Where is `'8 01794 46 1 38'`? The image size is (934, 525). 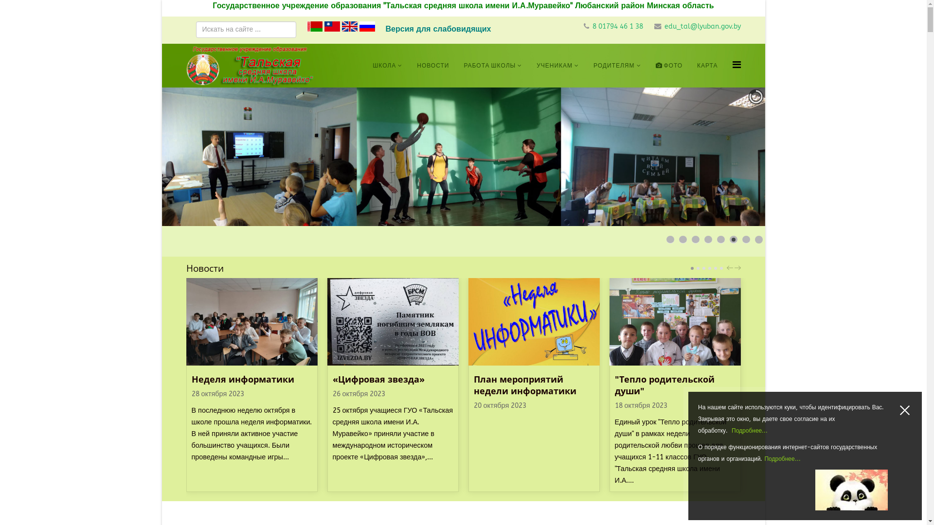 '8 01794 46 1 38' is located at coordinates (617, 26).